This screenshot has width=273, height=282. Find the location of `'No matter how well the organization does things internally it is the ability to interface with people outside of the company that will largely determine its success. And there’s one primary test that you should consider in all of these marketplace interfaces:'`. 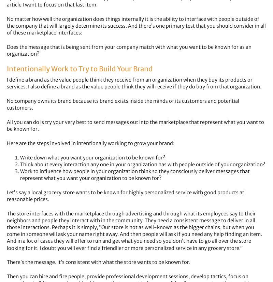

'No matter how well the organization does things internally it is the ability to interface with people outside of the company that will largely determine its success. And there’s one primary test that you should consider in all of these marketplace interfaces:' is located at coordinates (136, 26).